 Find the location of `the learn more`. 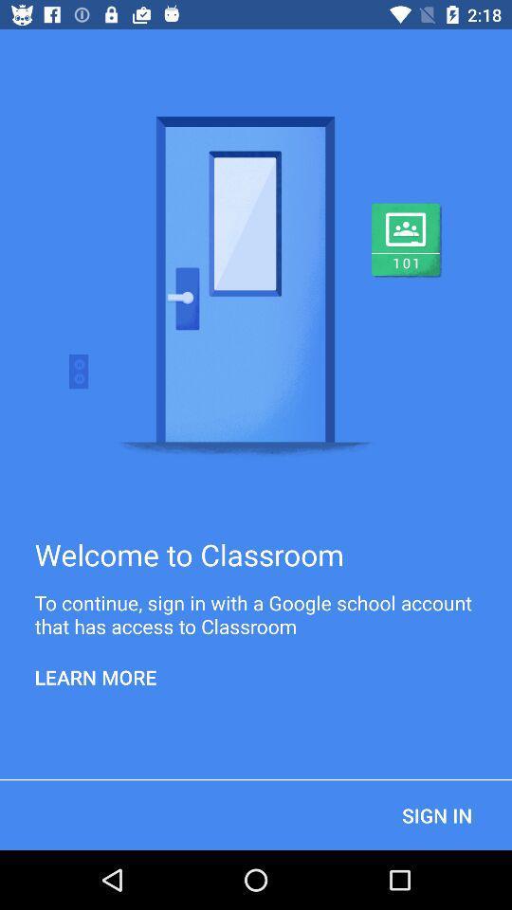

the learn more is located at coordinates (95, 677).